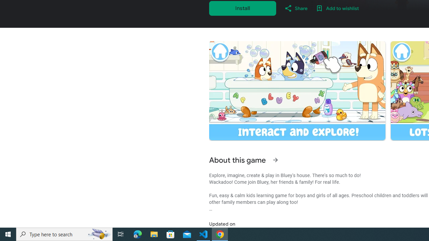 This screenshot has width=429, height=241. What do you see at coordinates (295, 8) in the screenshot?
I see `'Share'` at bounding box center [295, 8].